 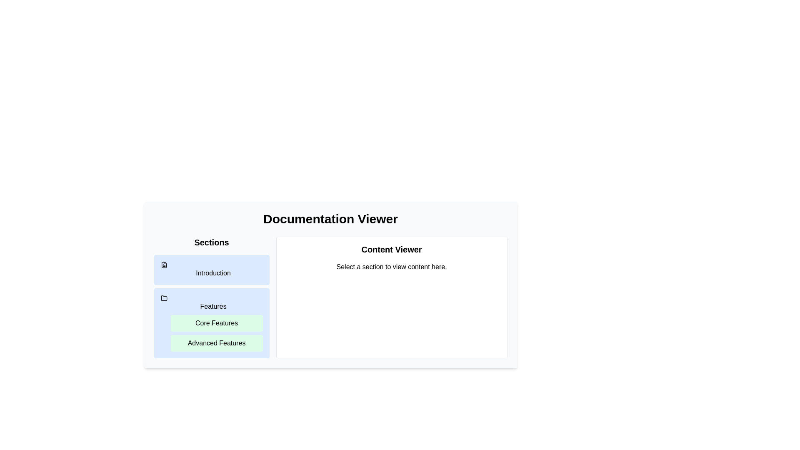 I want to click on the 'Introduction' button, which is a rectangular button with rounded corners, light blue background, and a document icon on the left, so click(x=212, y=270).